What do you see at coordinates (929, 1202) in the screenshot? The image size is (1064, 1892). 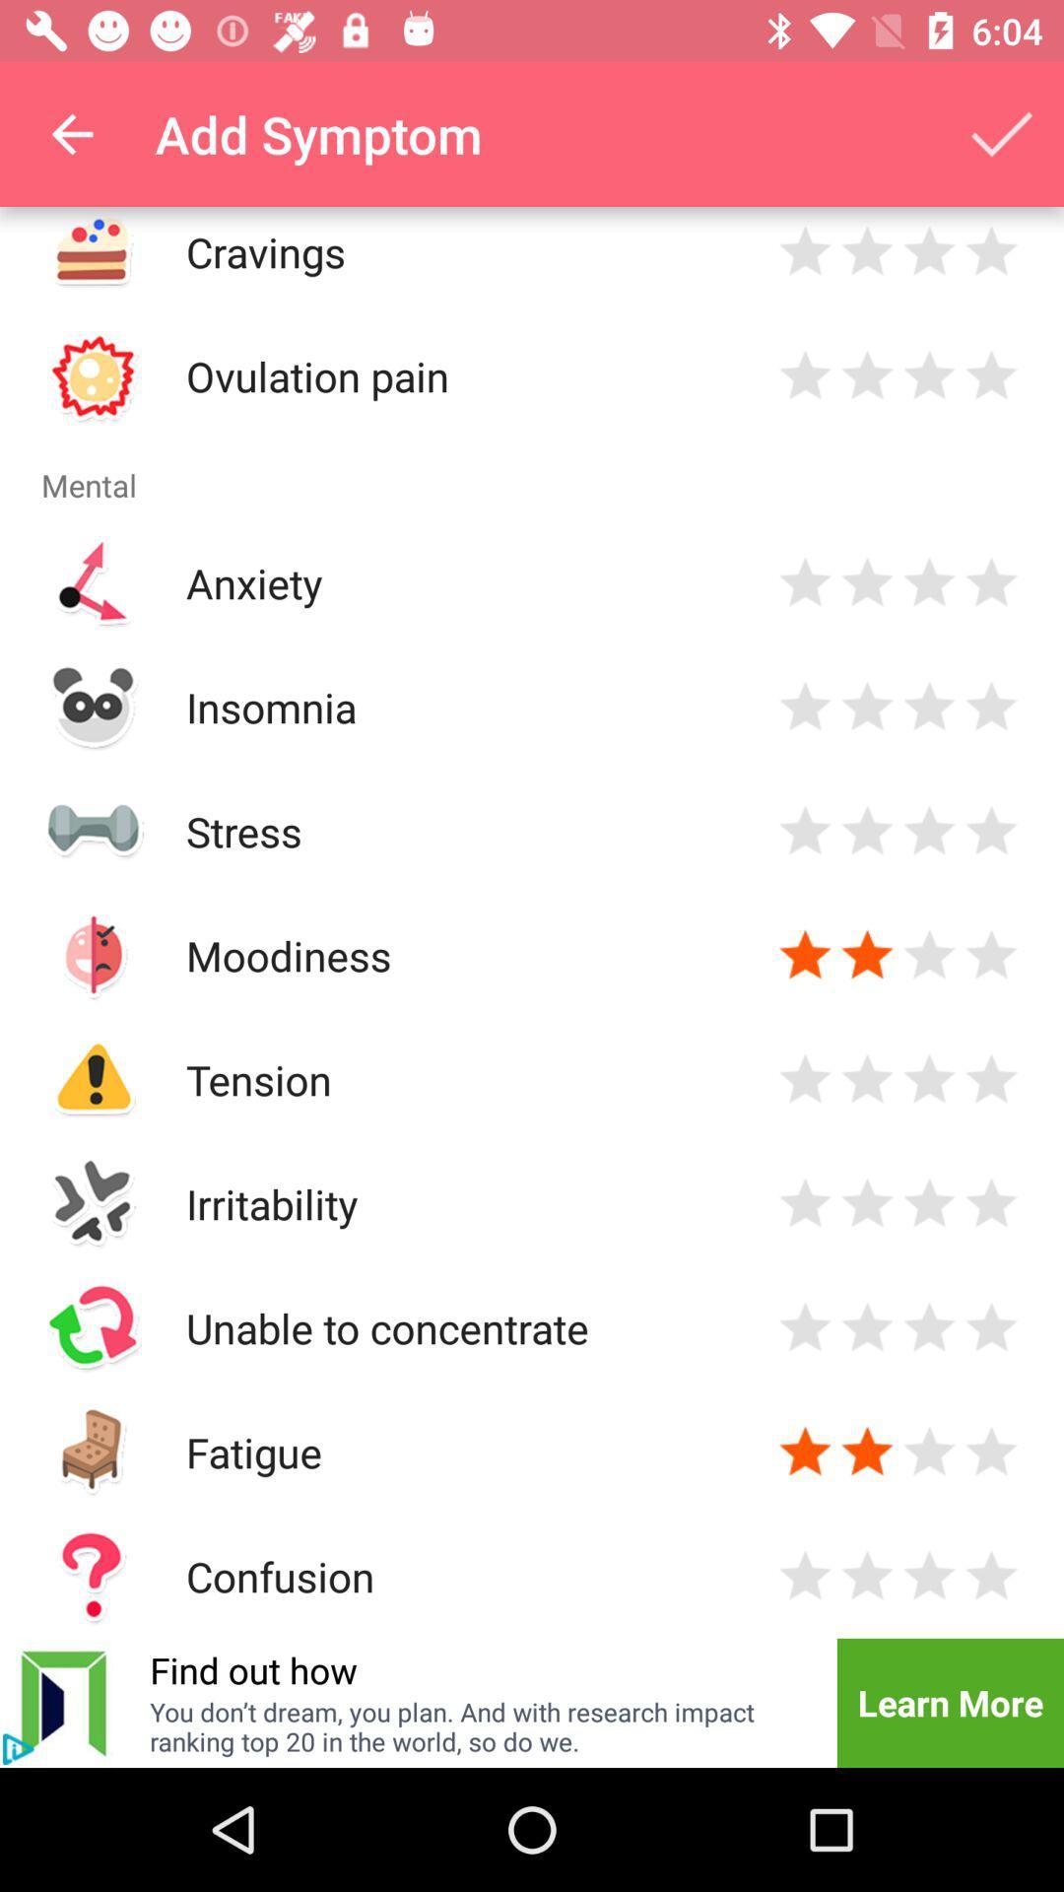 I see `3 star option` at bounding box center [929, 1202].